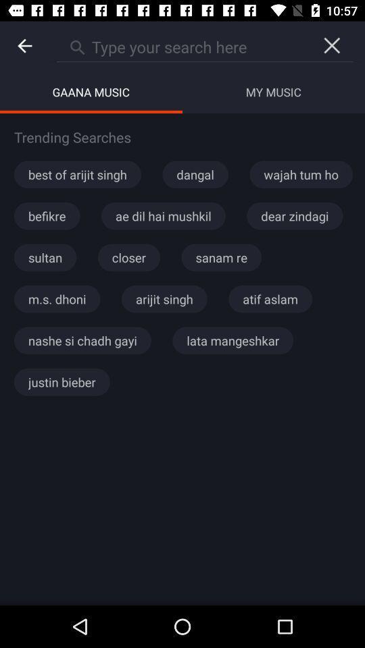 The image size is (365, 648). I want to click on the icon above gaana music icon, so click(182, 45).